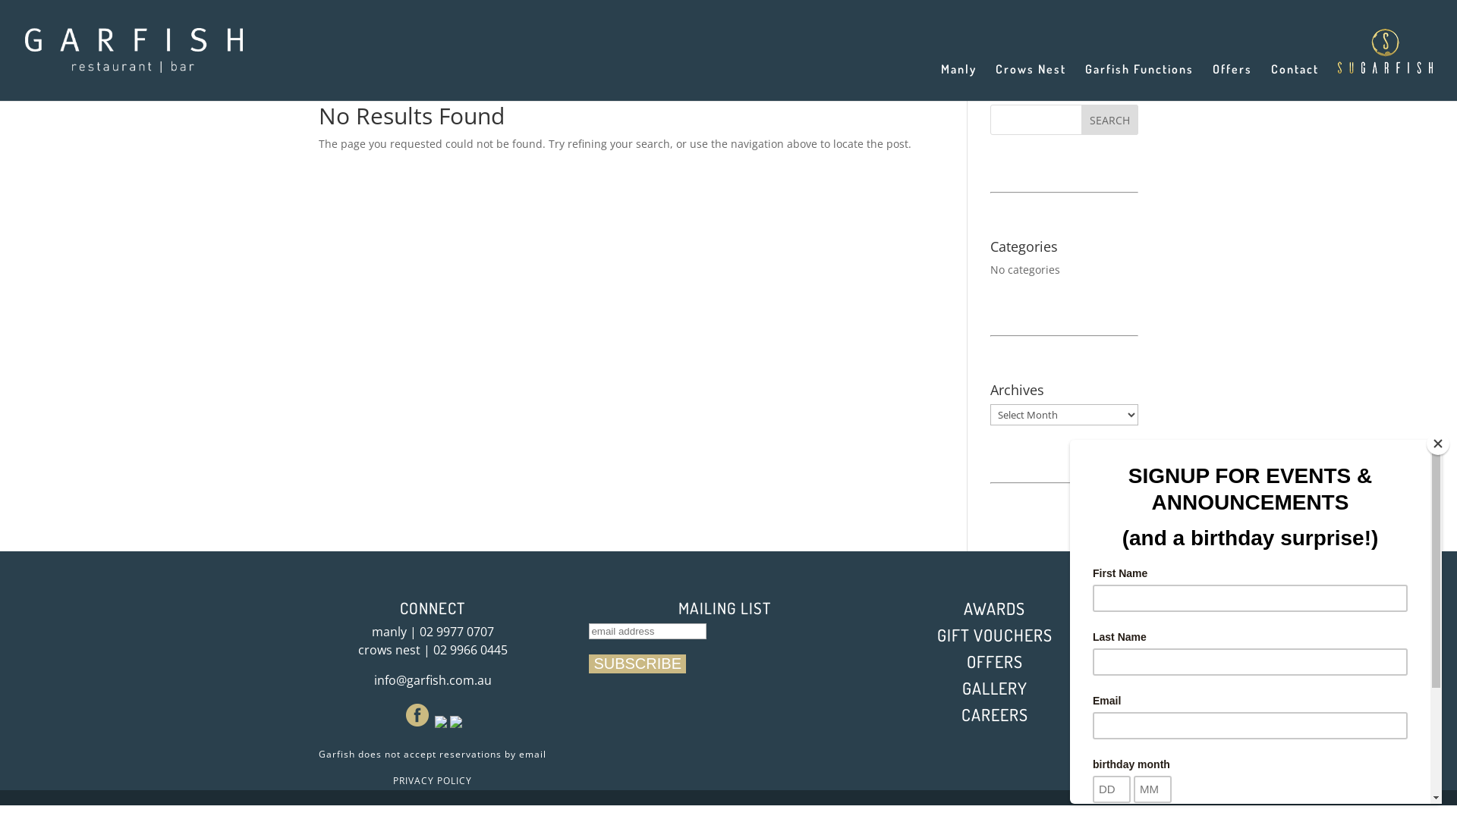 The image size is (1457, 819). I want to click on 'Search', so click(1081, 119).